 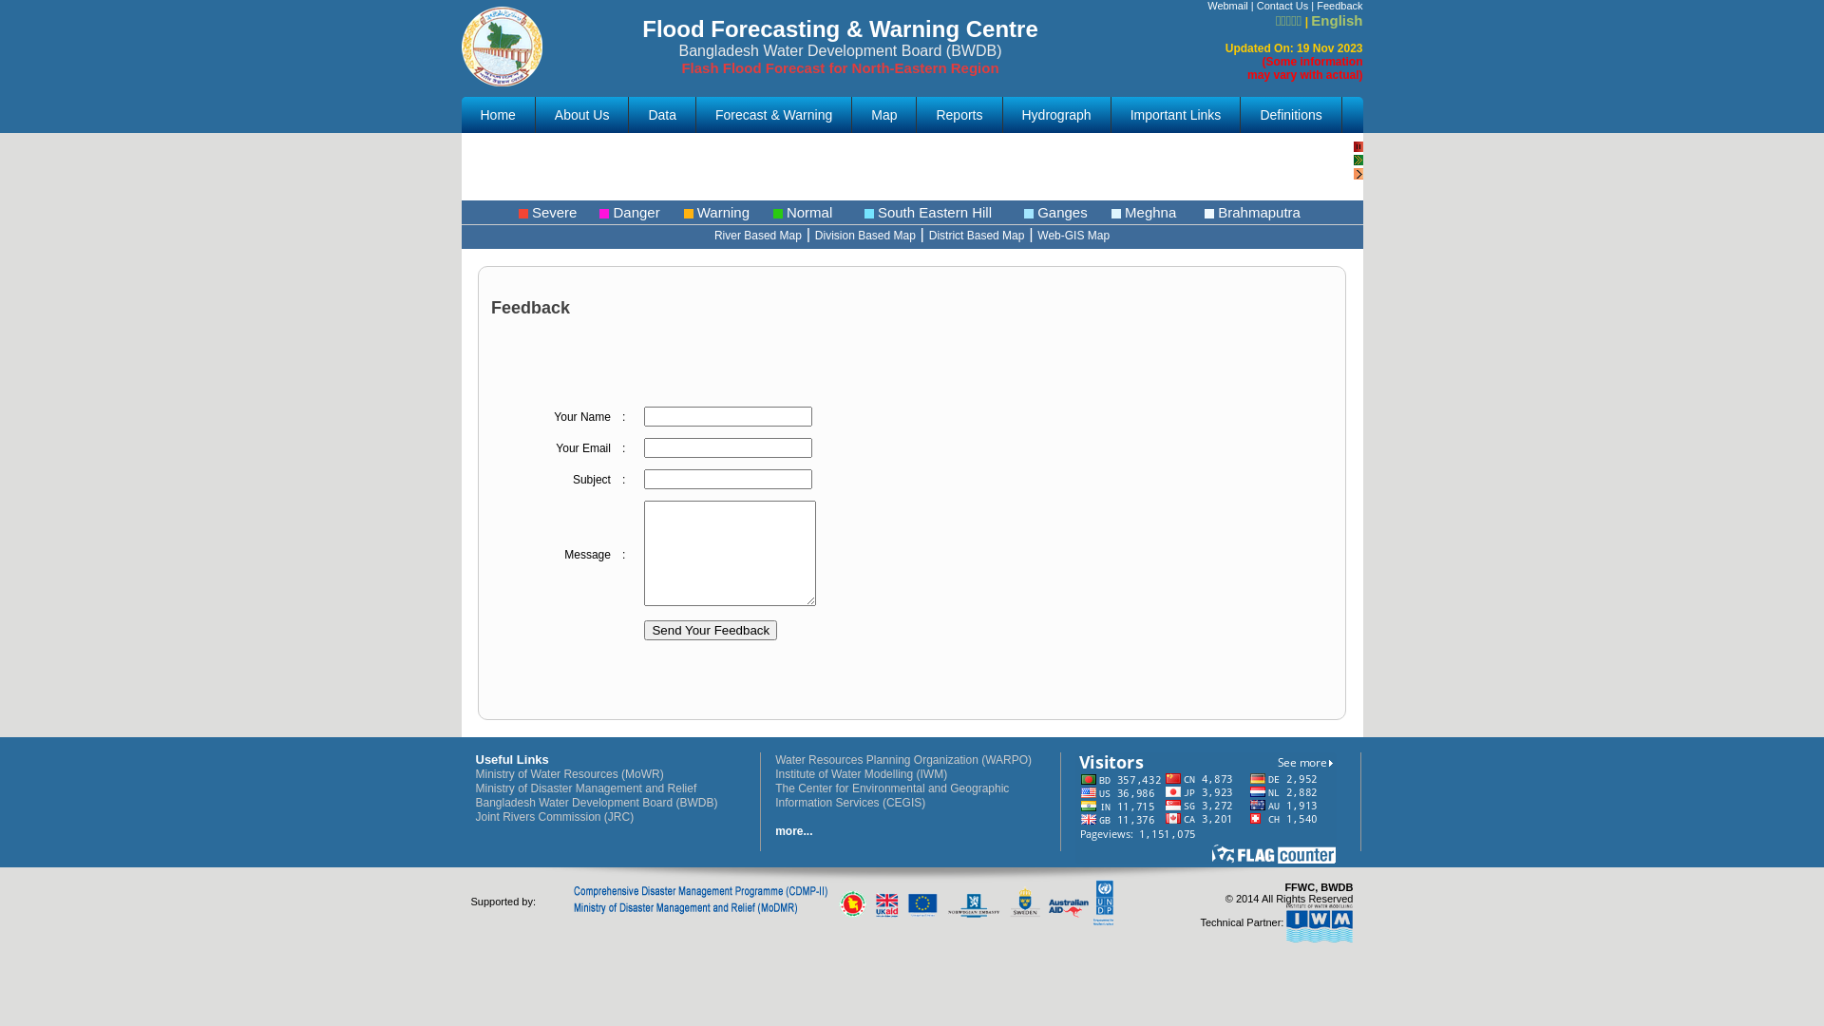 I want to click on 'Webmail', so click(x=1227, y=6).